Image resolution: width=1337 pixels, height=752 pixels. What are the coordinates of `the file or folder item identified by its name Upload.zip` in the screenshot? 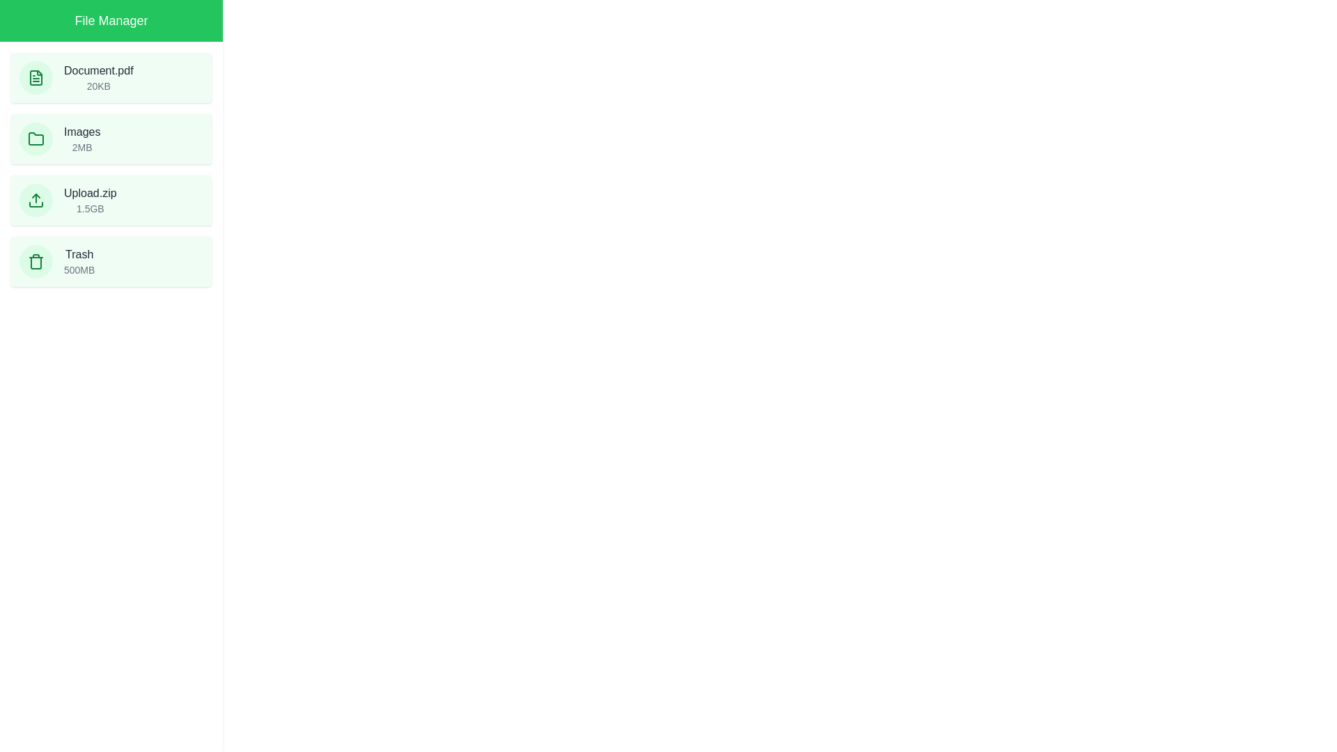 It's located at (110, 201).